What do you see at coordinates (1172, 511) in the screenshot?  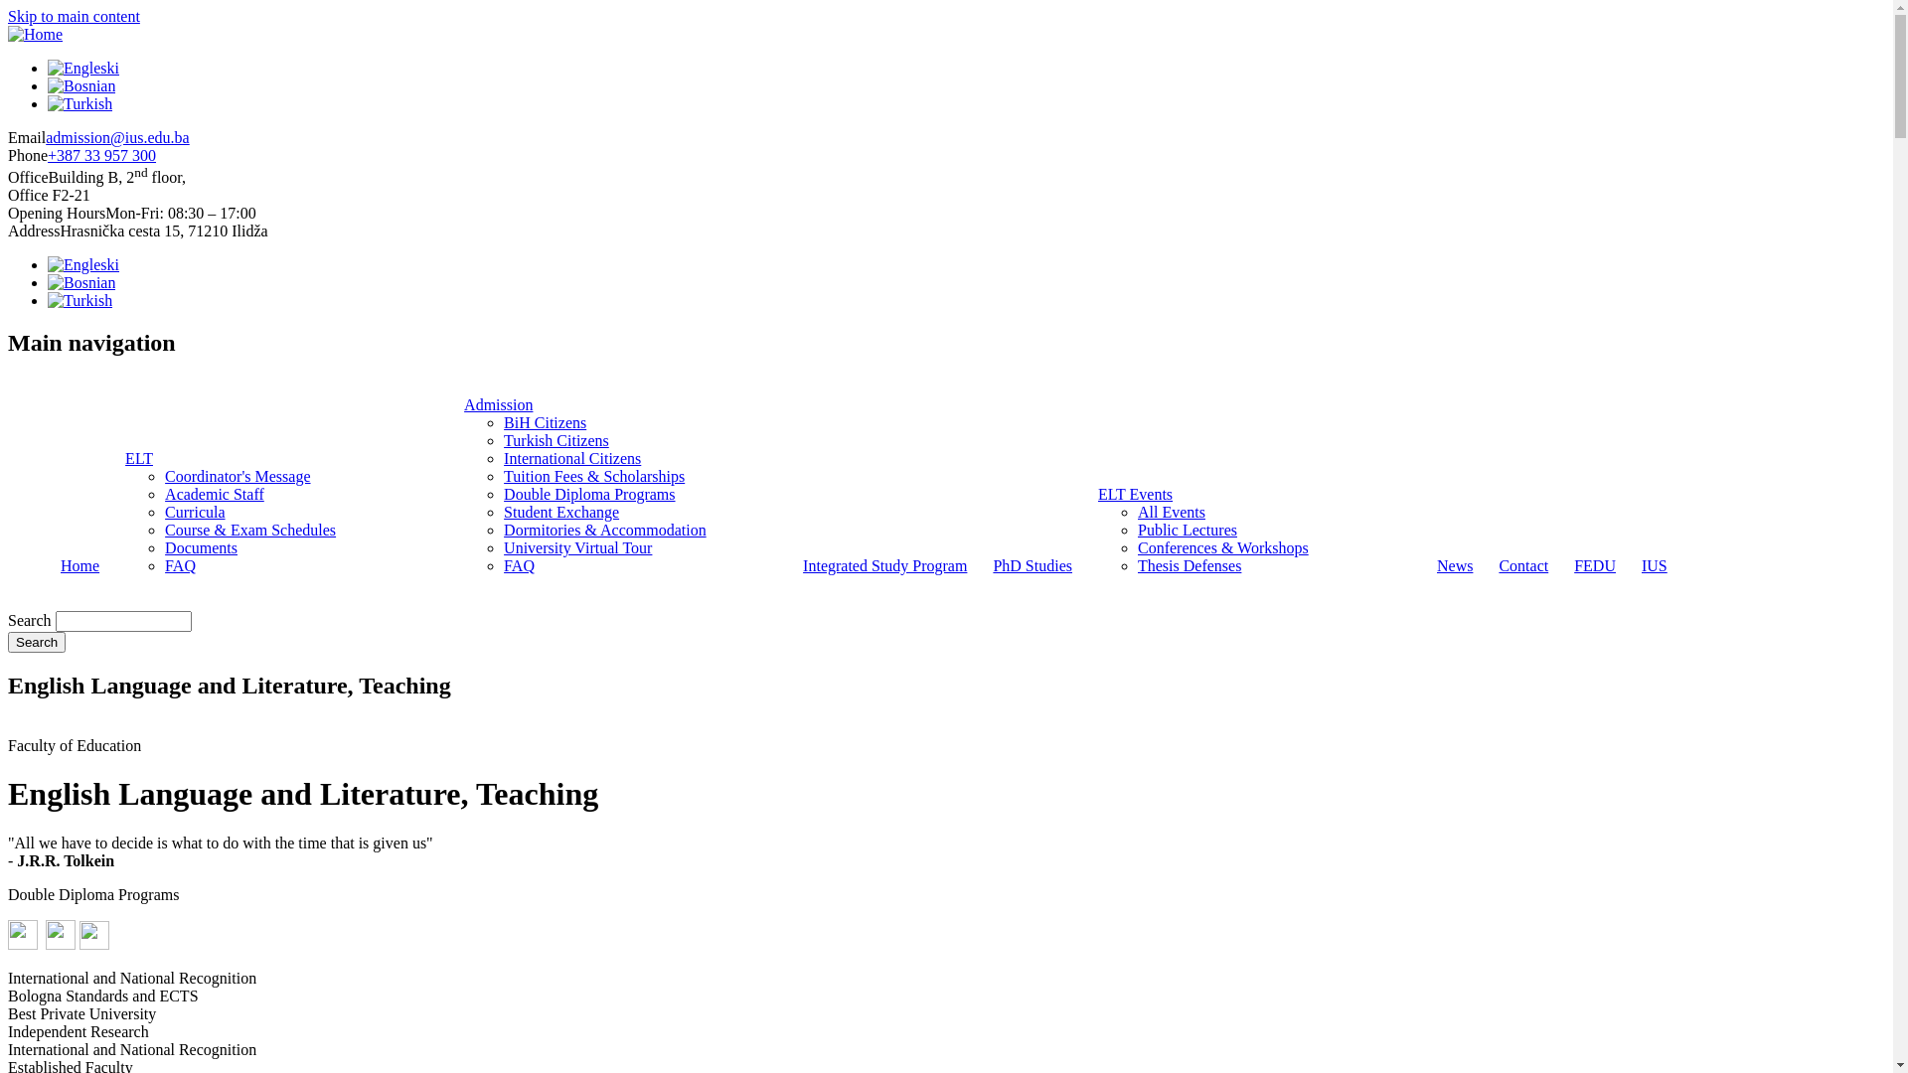 I see `'All Events'` at bounding box center [1172, 511].